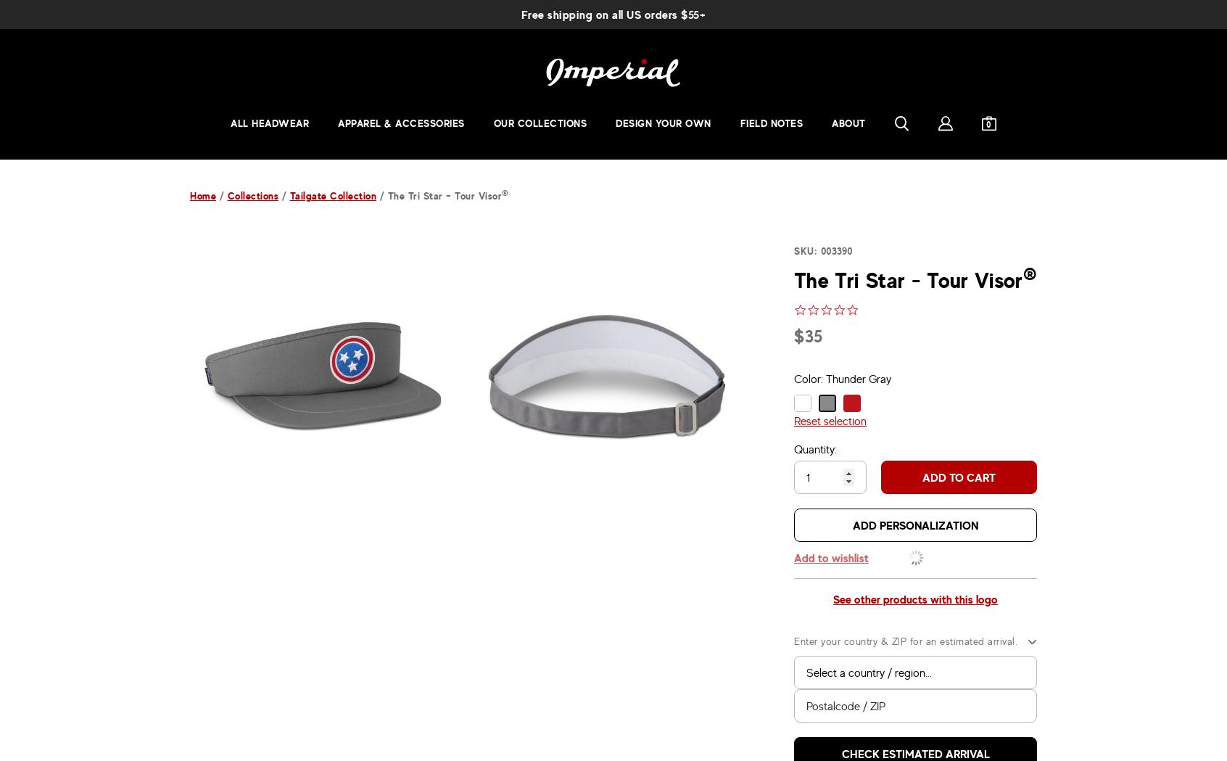  Describe the element at coordinates (438, 194) in the screenshot. I see `'/ The Tri Star – Tour Visor'` at that location.